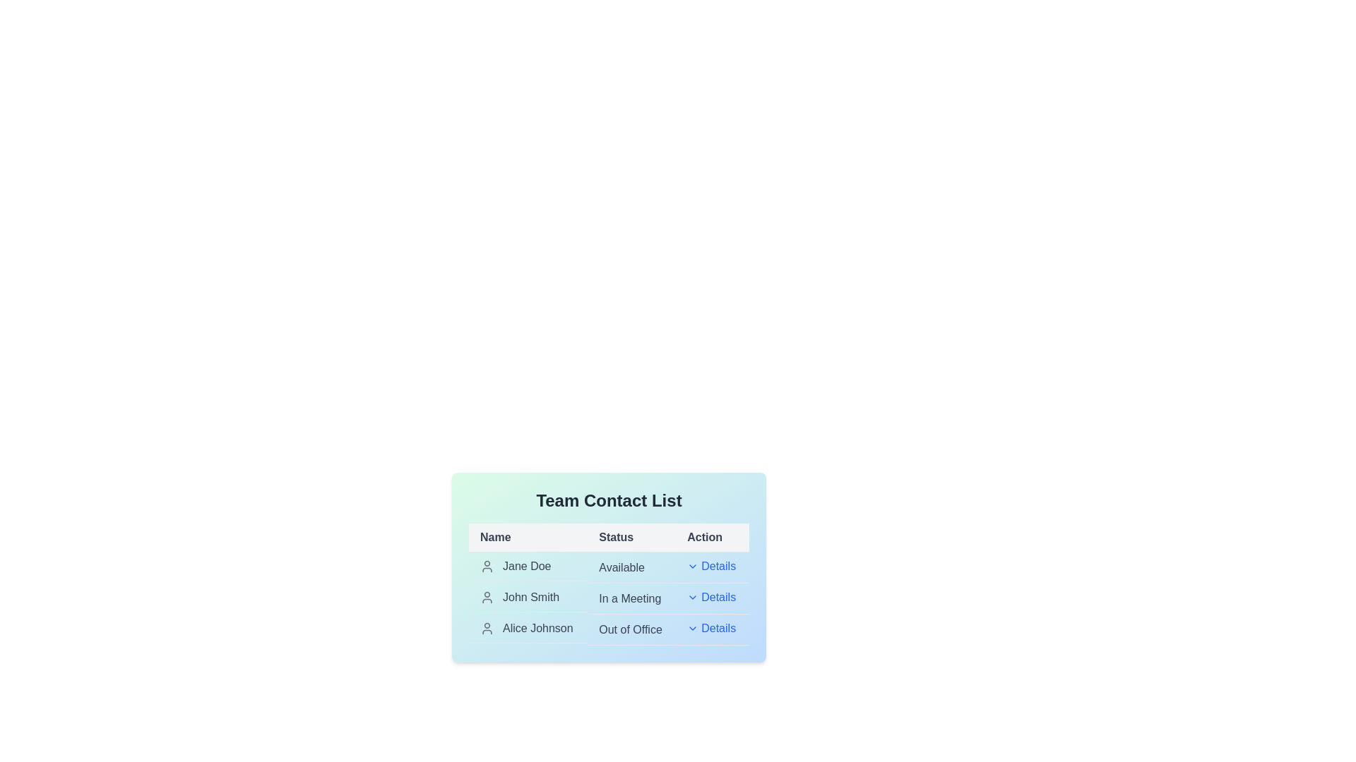  What do you see at coordinates (528, 598) in the screenshot?
I see `the row corresponding to John Smith to open the context menu` at bounding box center [528, 598].